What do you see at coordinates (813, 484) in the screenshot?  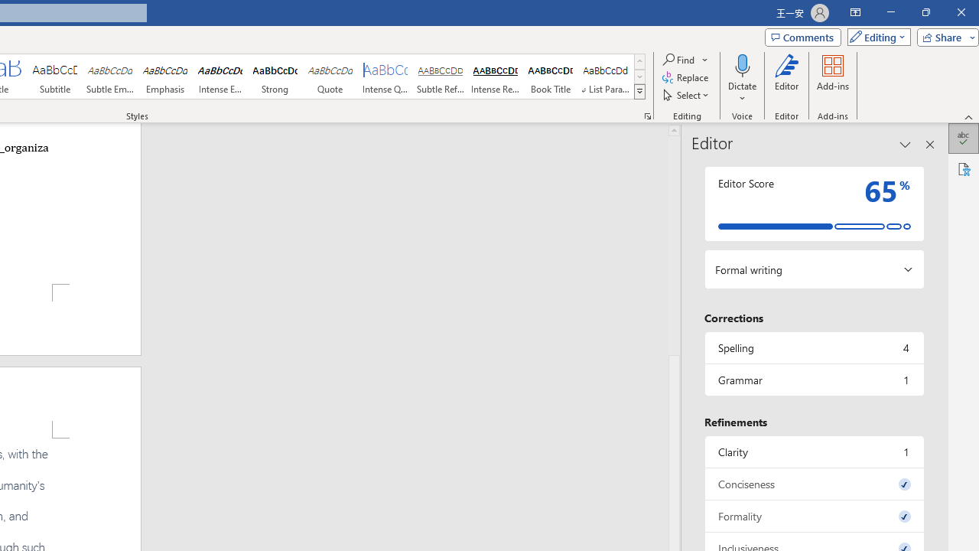 I see `'Conciseness, 0 issues. Press space or enter to review items.'` at bounding box center [813, 484].